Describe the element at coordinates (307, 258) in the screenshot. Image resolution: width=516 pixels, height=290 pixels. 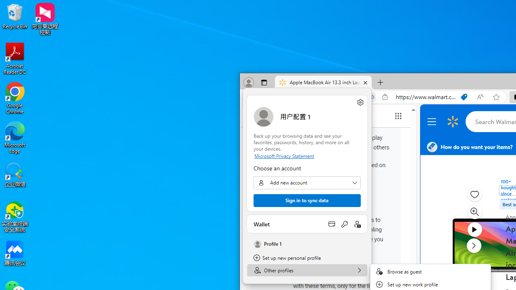
I see `'Set up new personal profile'` at that location.